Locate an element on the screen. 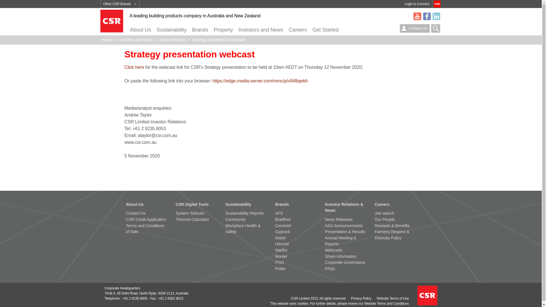  'CSR Credit Application' is located at coordinates (125, 219).